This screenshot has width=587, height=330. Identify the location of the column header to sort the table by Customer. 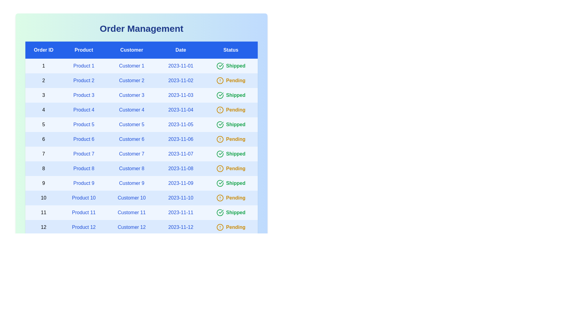
(131, 50).